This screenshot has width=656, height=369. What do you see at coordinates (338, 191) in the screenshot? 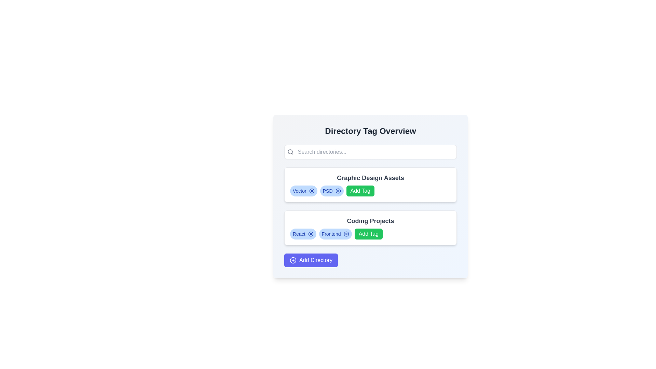
I see `the circular ring icon located to the right of the 'PSD' tag under the 'Graphic Design Assets' section` at bounding box center [338, 191].